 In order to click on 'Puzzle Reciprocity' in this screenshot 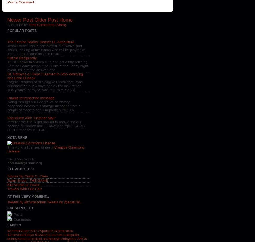, I will do `click(22, 58)`.